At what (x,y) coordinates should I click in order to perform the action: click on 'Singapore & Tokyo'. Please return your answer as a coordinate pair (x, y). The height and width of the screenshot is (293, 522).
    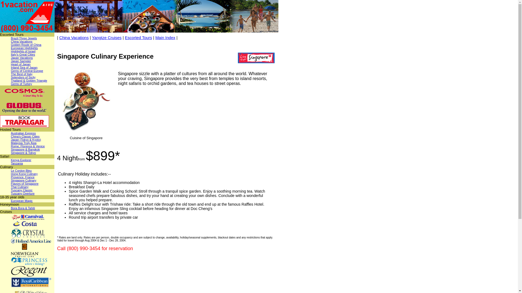
    Looking at the image, I should click on (23, 153).